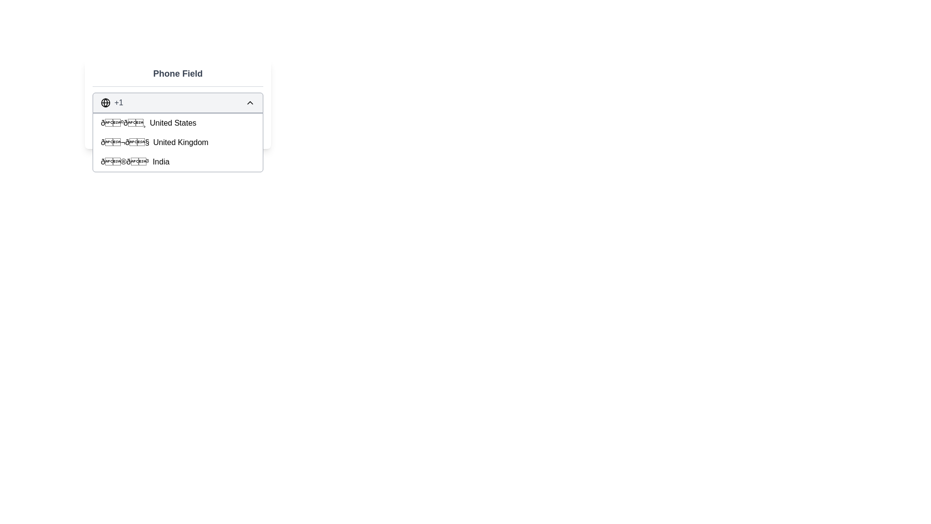 The width and height of the screenshot is (931, 524). I want to click on the 'United Kingdom' option in the dropdown menu, so click(177, 142).